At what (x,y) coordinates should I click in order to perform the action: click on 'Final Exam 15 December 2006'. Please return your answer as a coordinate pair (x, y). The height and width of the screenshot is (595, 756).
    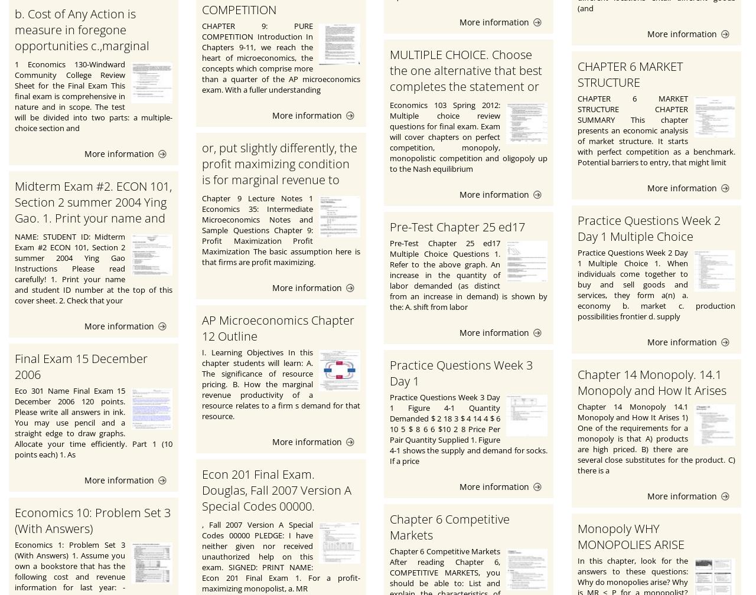
    Looking at the image, I should click on (80, 367).